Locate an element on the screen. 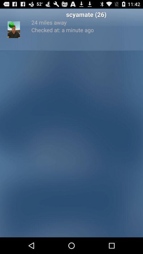 The height and width of the screenshot is (254, 143). the 24 miles away is located at coordinates (86, 22).